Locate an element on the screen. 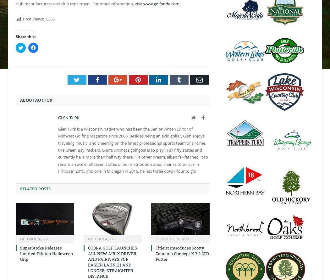  'COBRA GOLF LAUNCHES ALL NEW AIR-X DRIVER AND FAIRWAYS FOR EASIER LAUNCH AND LONGER, STRAIGHTER DISTANCE' is located at coordinates (112, 261).